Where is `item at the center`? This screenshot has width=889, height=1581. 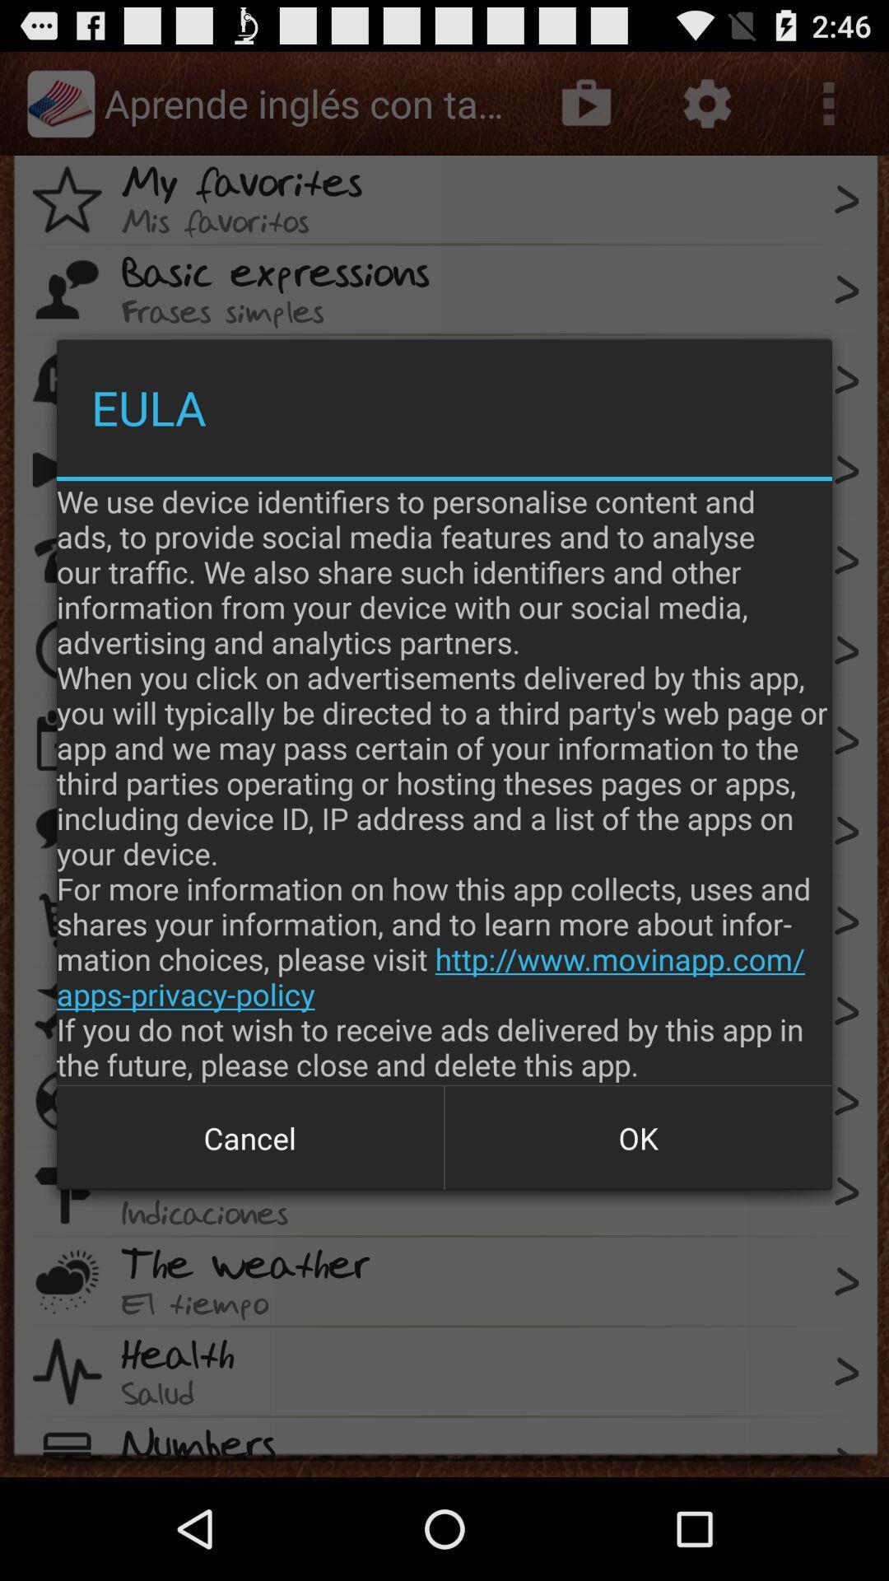 item at the center is located at coordinates (444, 781).